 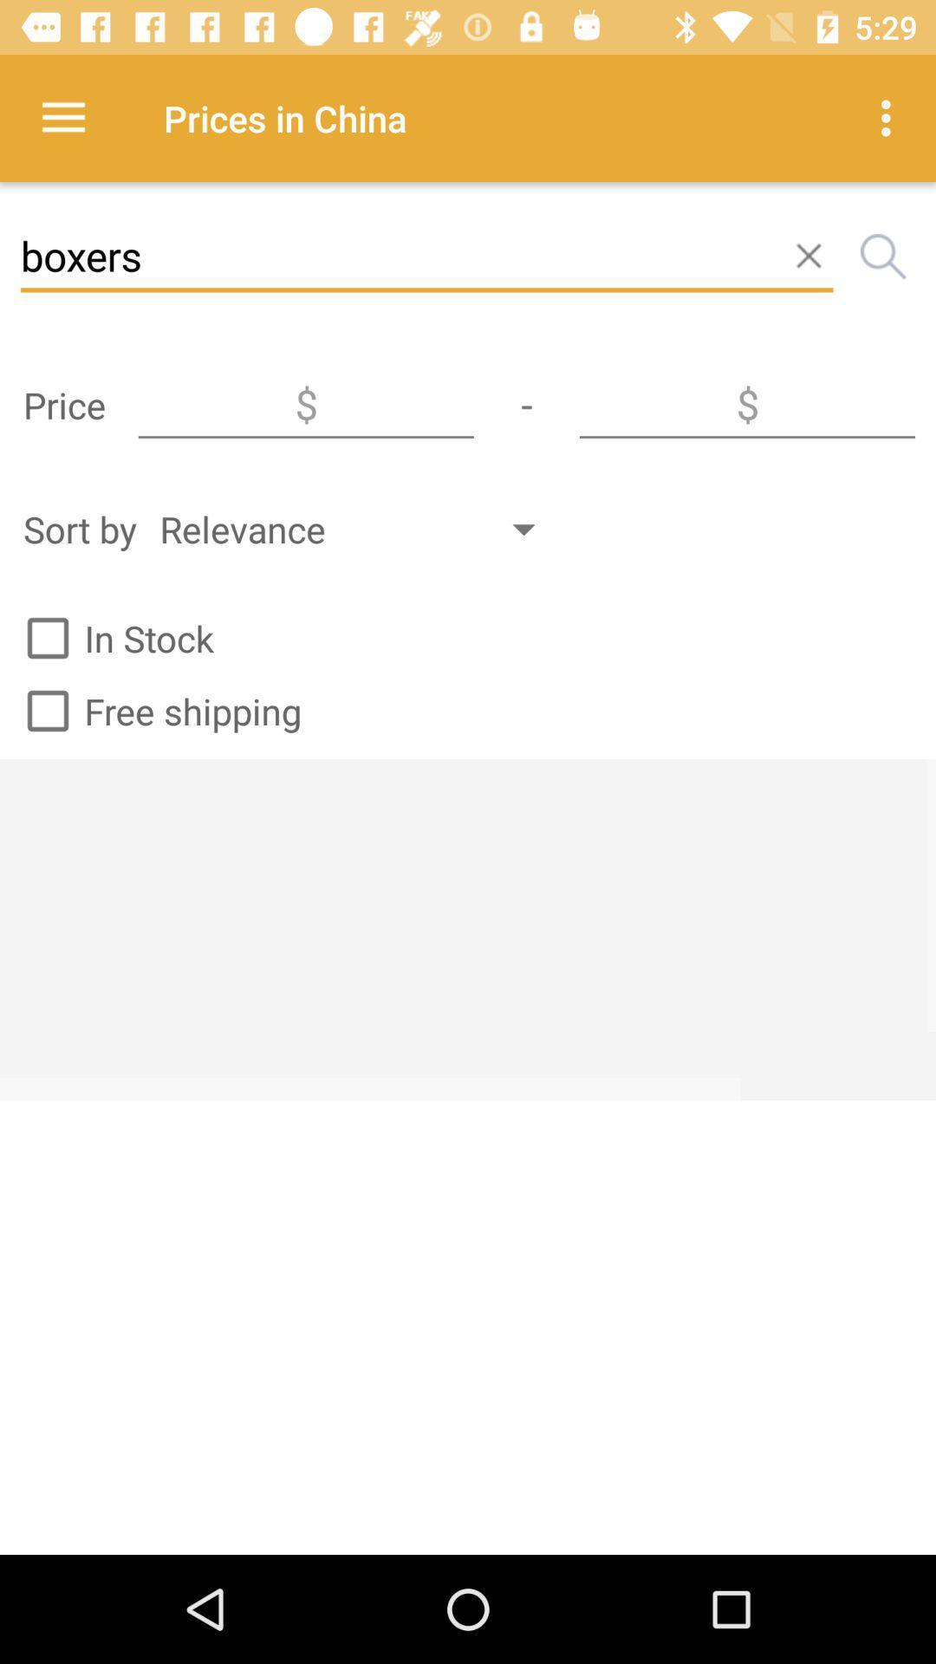 What do you see at coordinates (305, 404) in the screenshot?
I see `the icon to the right of price` at bounding box center [305, 404].